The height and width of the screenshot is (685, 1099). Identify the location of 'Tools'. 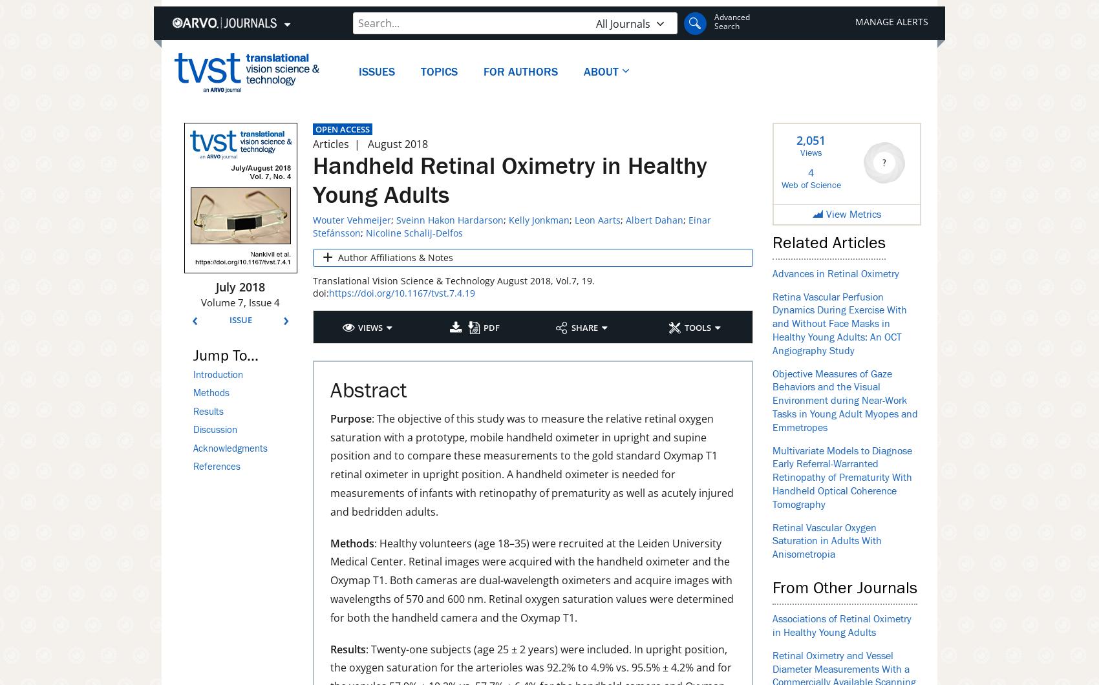
(697, 326).